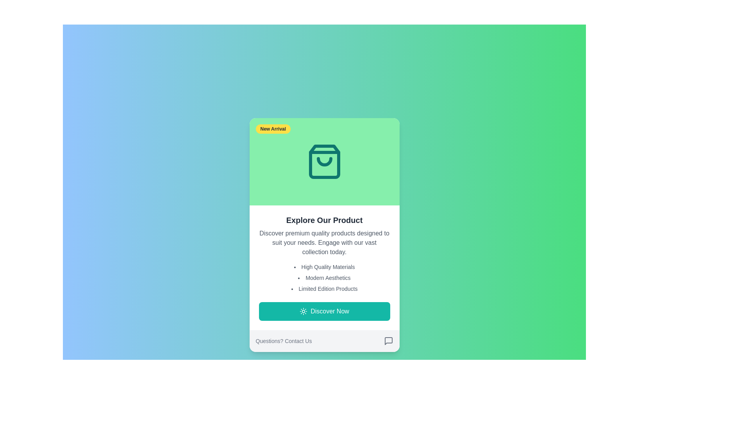 The width and height of the screenshot is (750, 421). What do you see at coordinates (303, 311) in the screenshot?
I see `the sun icon located to the left of the 'Discover Now' button with a teal background and white text` at bounding box center [303, 311].